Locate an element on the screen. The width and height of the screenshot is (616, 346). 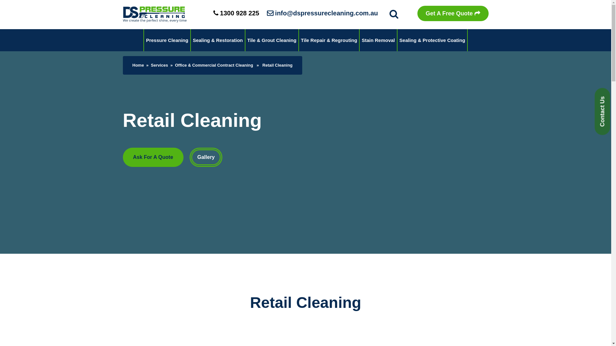
'Home' is located at coordinates (138, 65).